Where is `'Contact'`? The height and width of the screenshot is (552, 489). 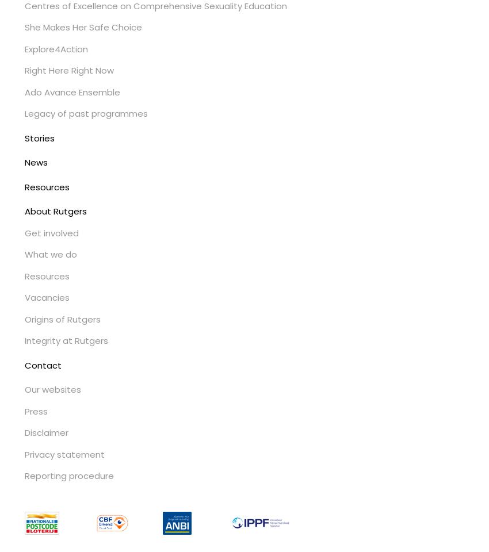 'Contact' is located at coordinates (43, 364).